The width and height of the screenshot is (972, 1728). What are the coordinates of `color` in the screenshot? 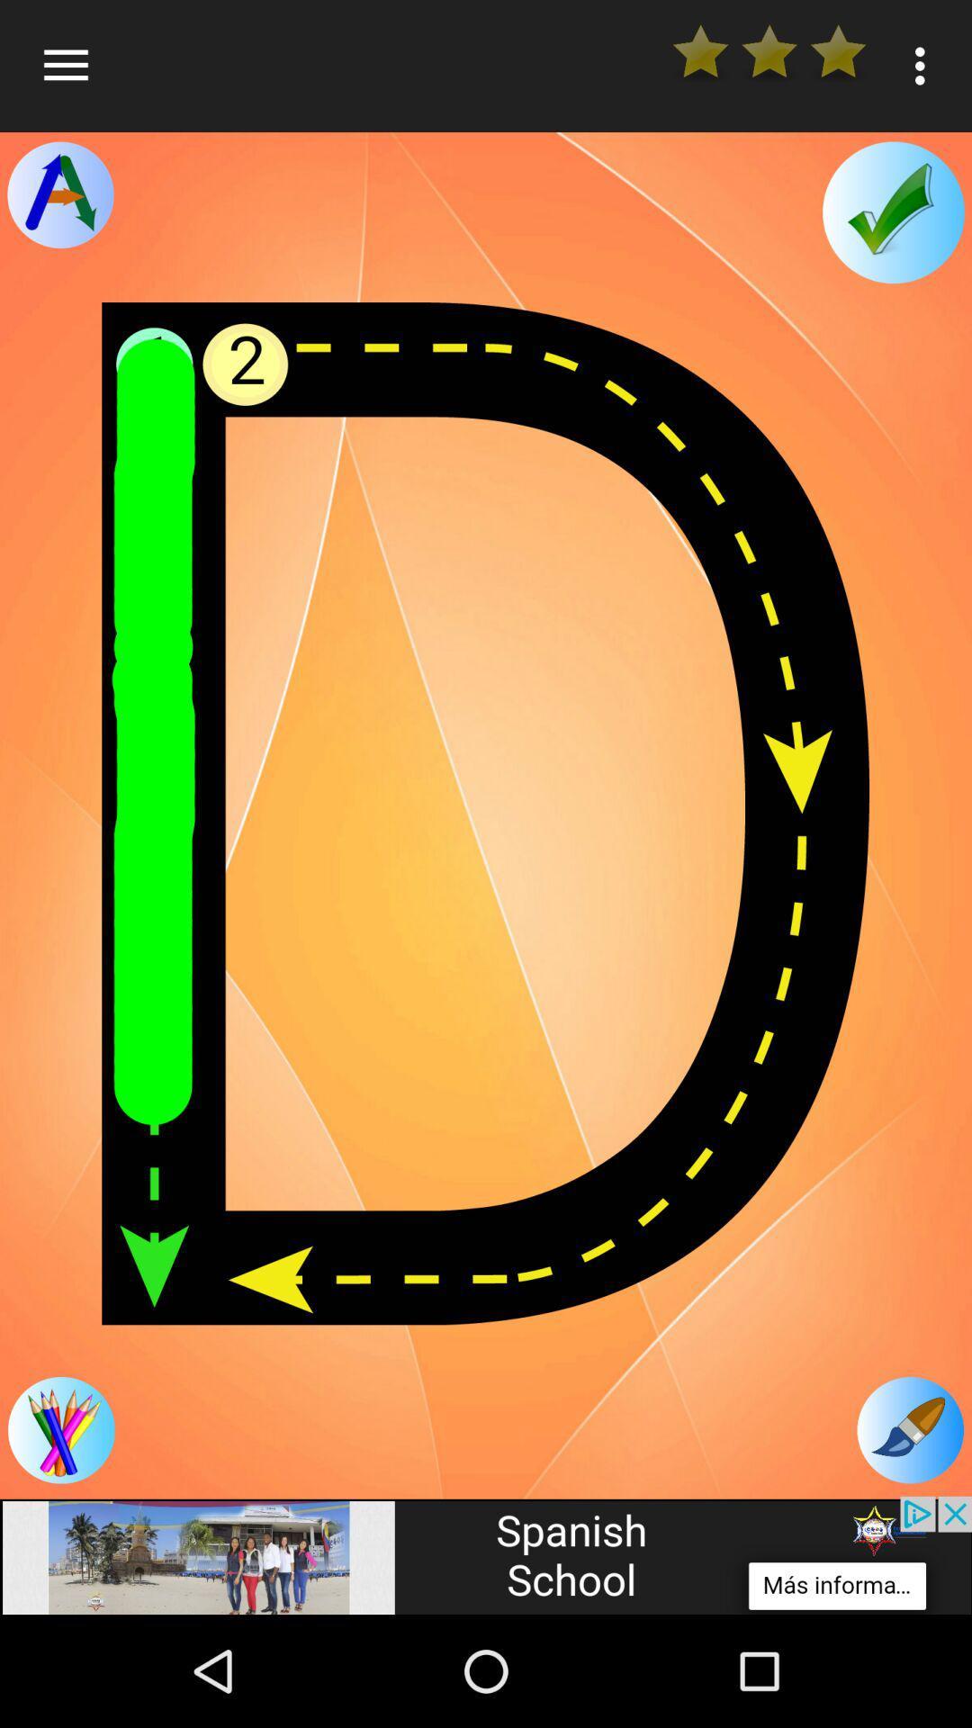 It's located at (60, 1429).